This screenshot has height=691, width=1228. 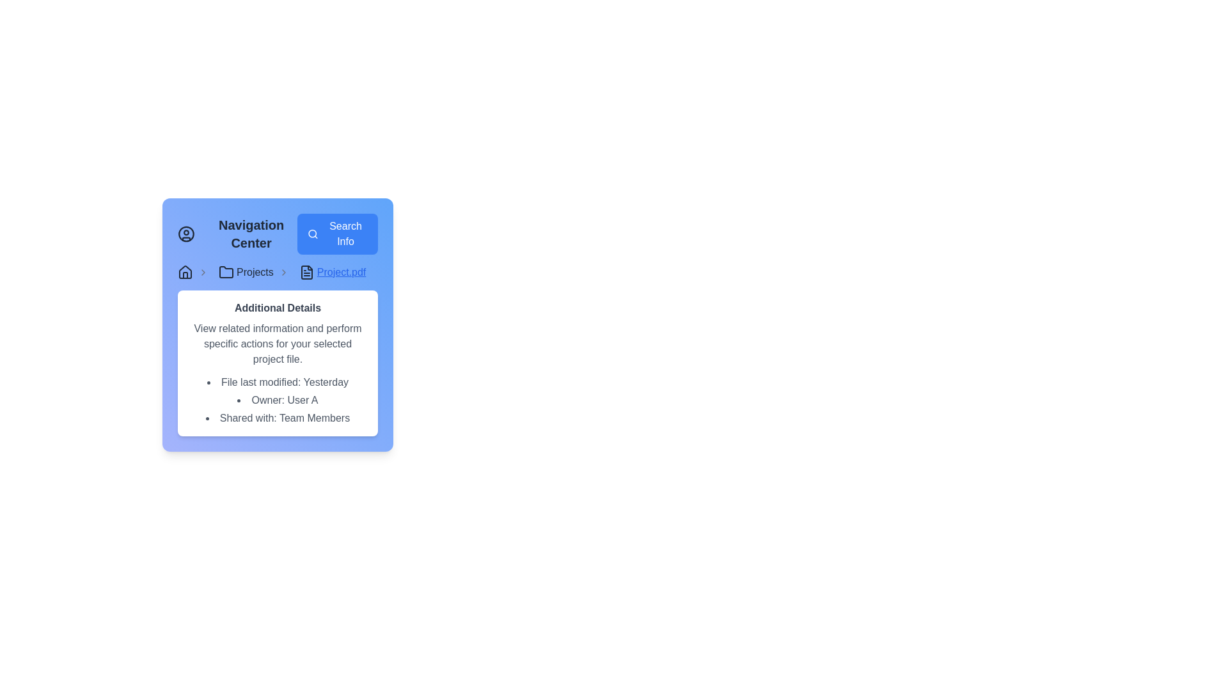 I want to click on the SVG icon representing the PDF document, so click(x=306, y=271).